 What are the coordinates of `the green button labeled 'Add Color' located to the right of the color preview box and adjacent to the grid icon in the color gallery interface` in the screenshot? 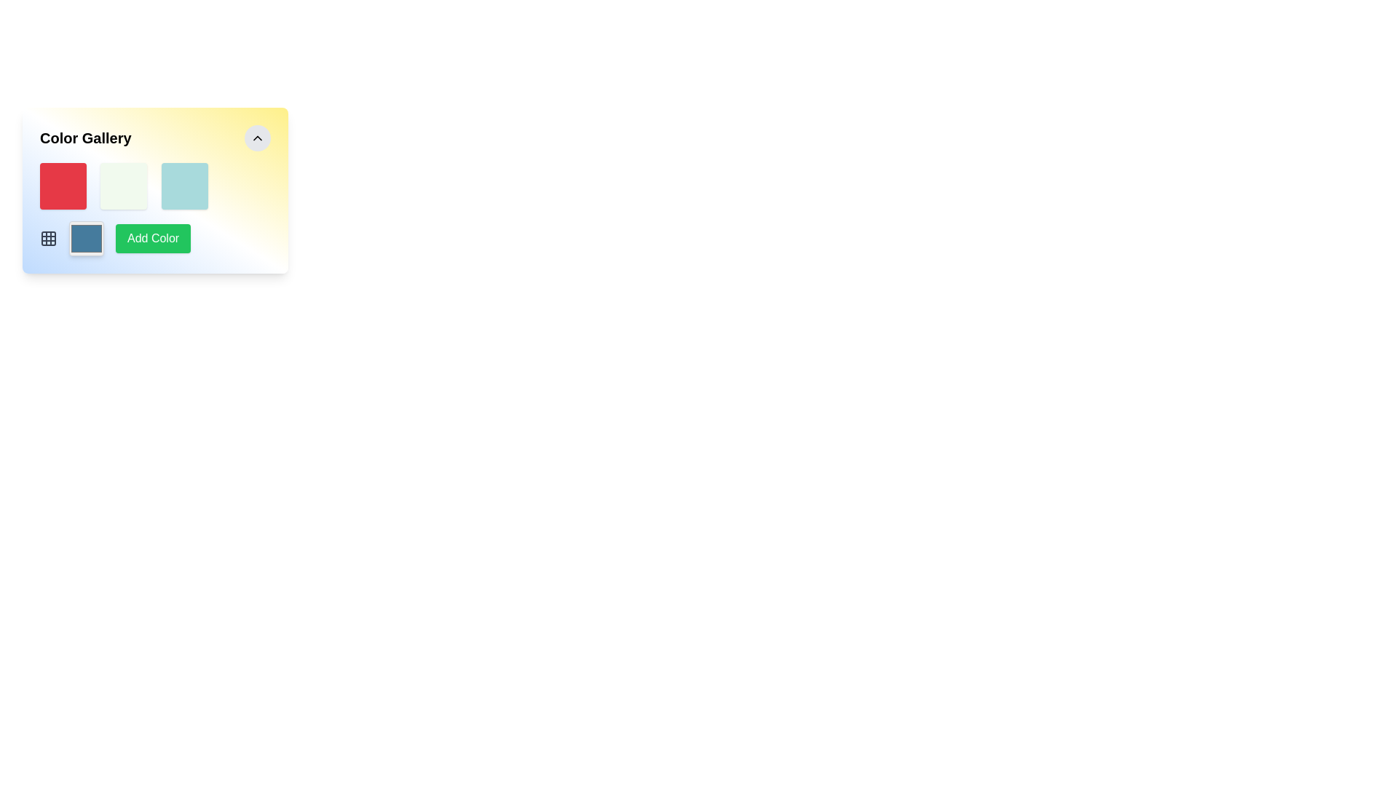 It's located at (155, 237).